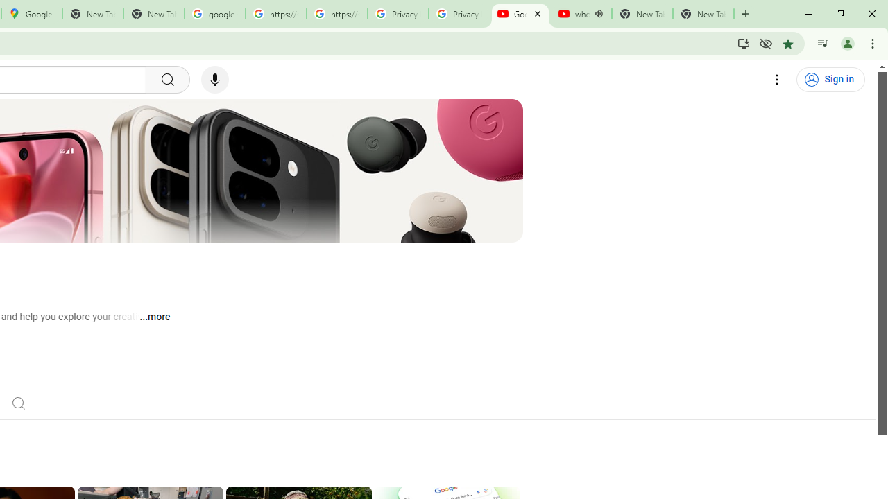  What do you see at coordinates (822, 42) in the screenshot?
I see `'Control your music, videos, and more'` at bounding box center [822, 42].